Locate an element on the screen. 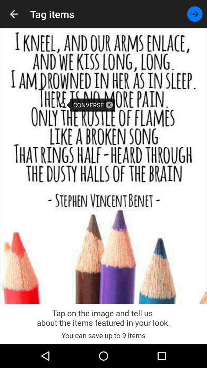  delete button is located at coordinates (109, 104).